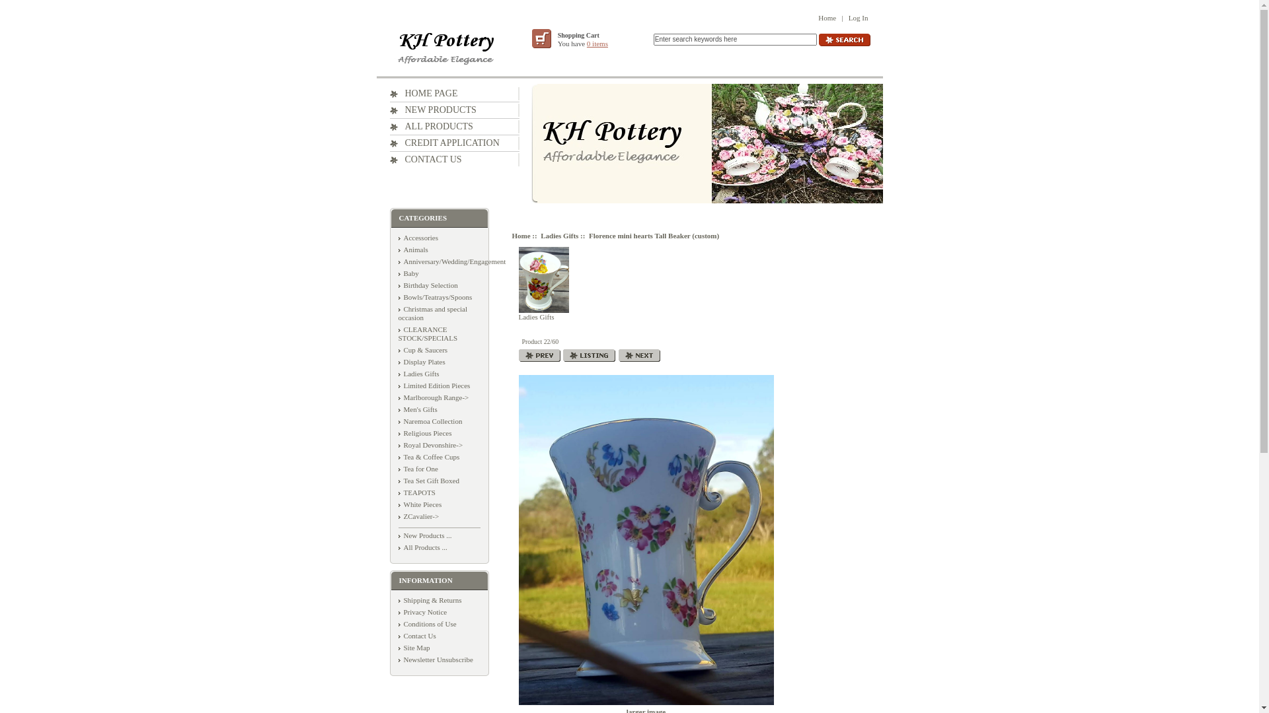 The image size is (1269, 713). I want to click on 'Baby', so click(407, 272).